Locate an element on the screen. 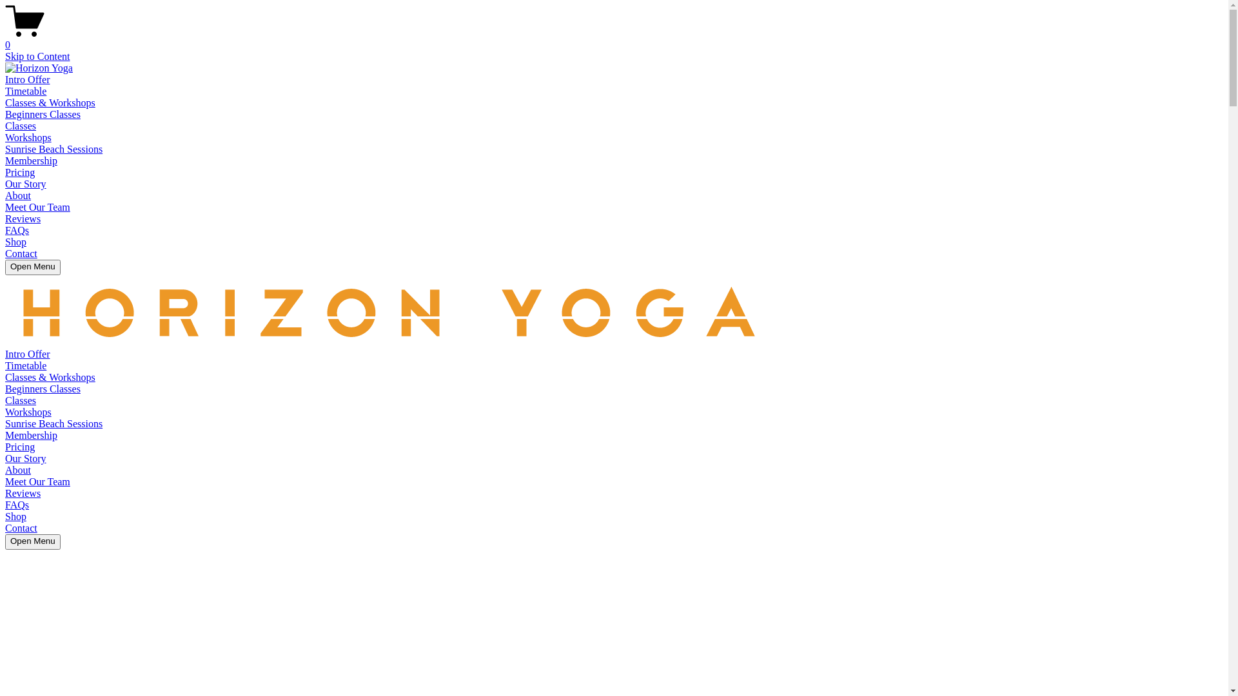 This screenshot has width=1238, height=696. 'About' is located at coordinates (18, 195).